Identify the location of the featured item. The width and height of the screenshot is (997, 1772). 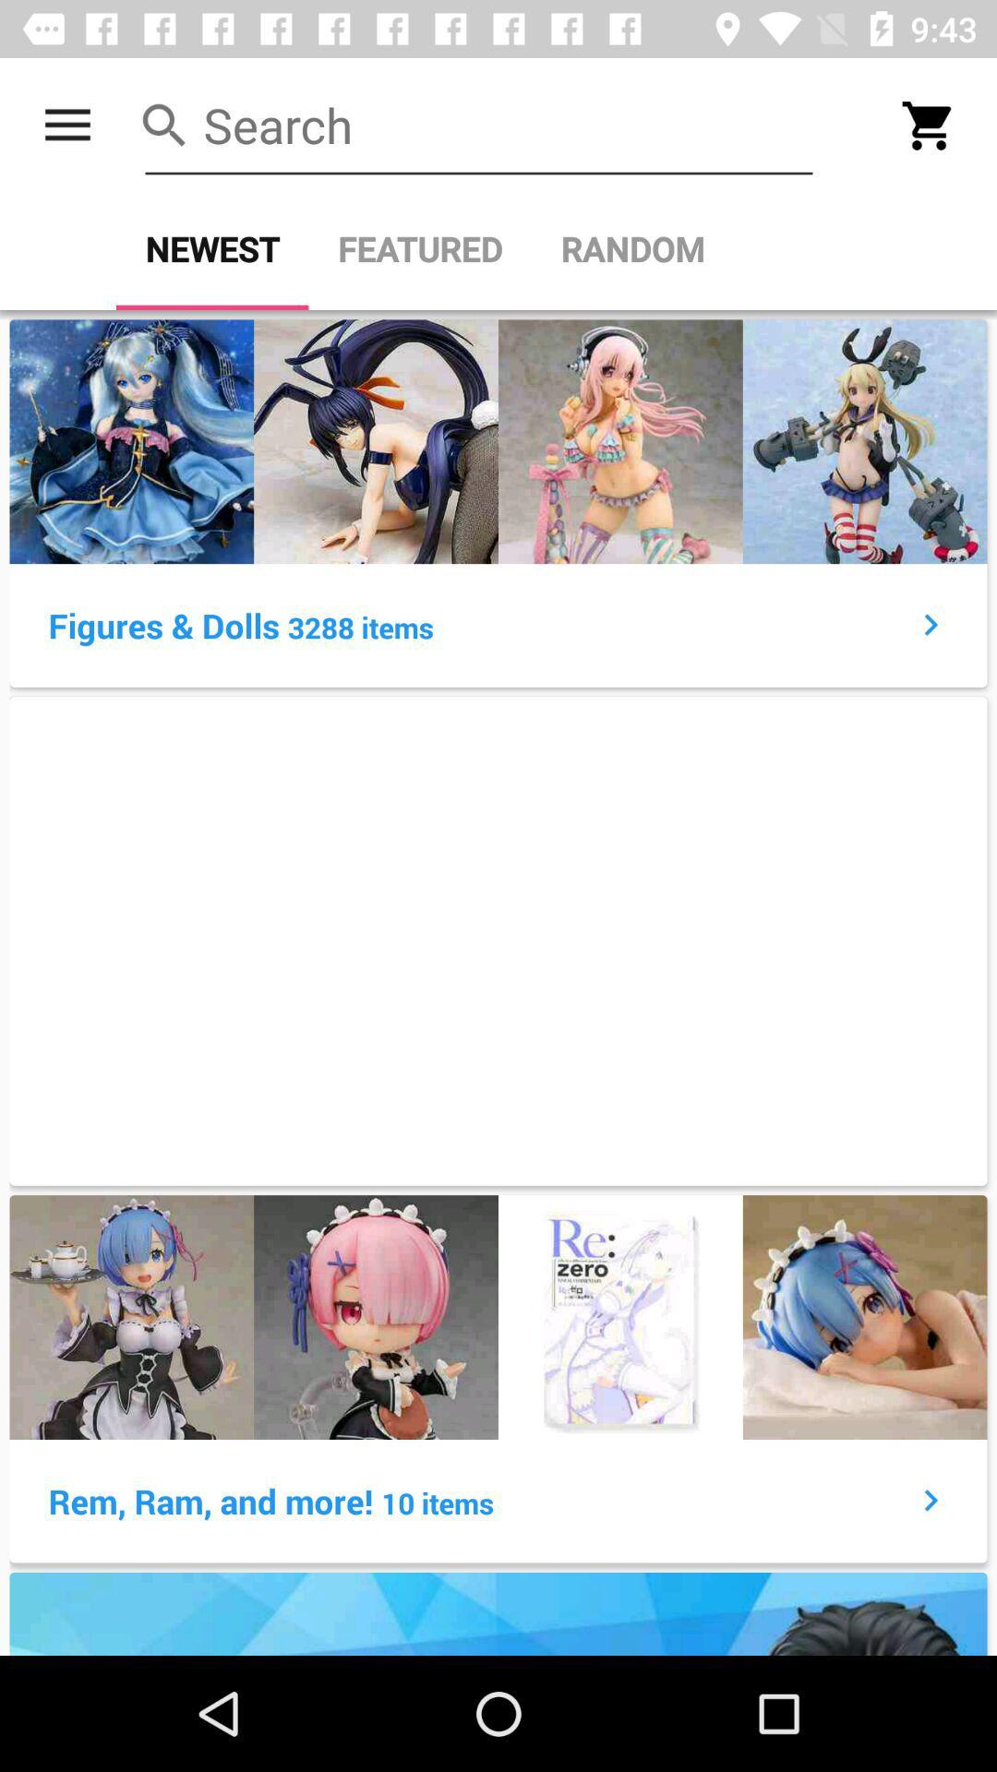
(420, 248).